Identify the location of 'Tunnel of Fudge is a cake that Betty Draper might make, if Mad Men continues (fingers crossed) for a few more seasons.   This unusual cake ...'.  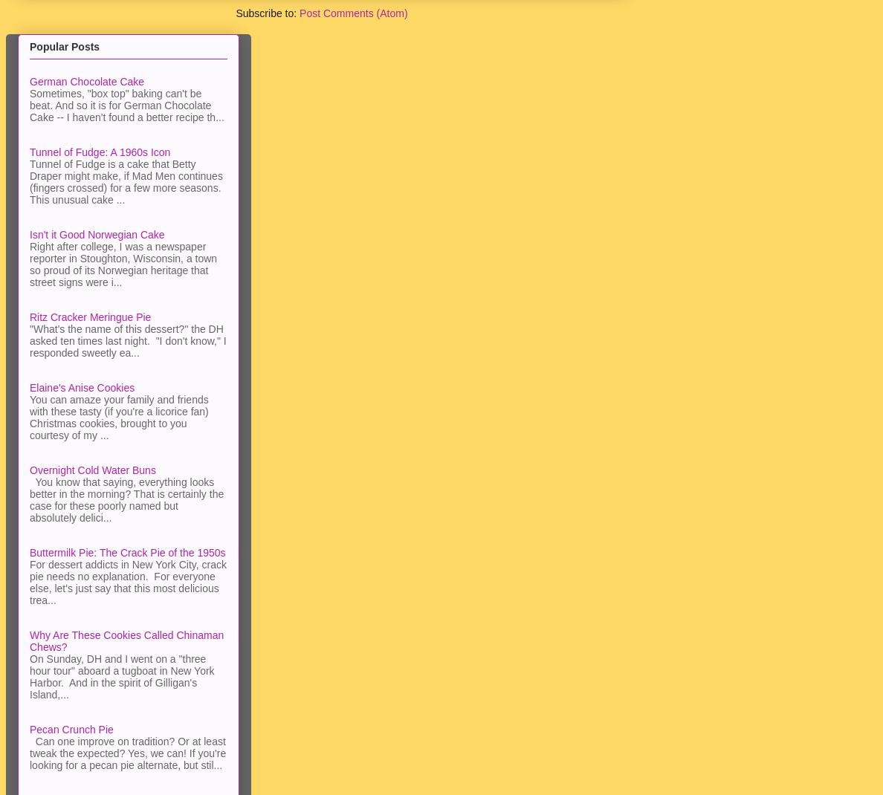
(126, 181).